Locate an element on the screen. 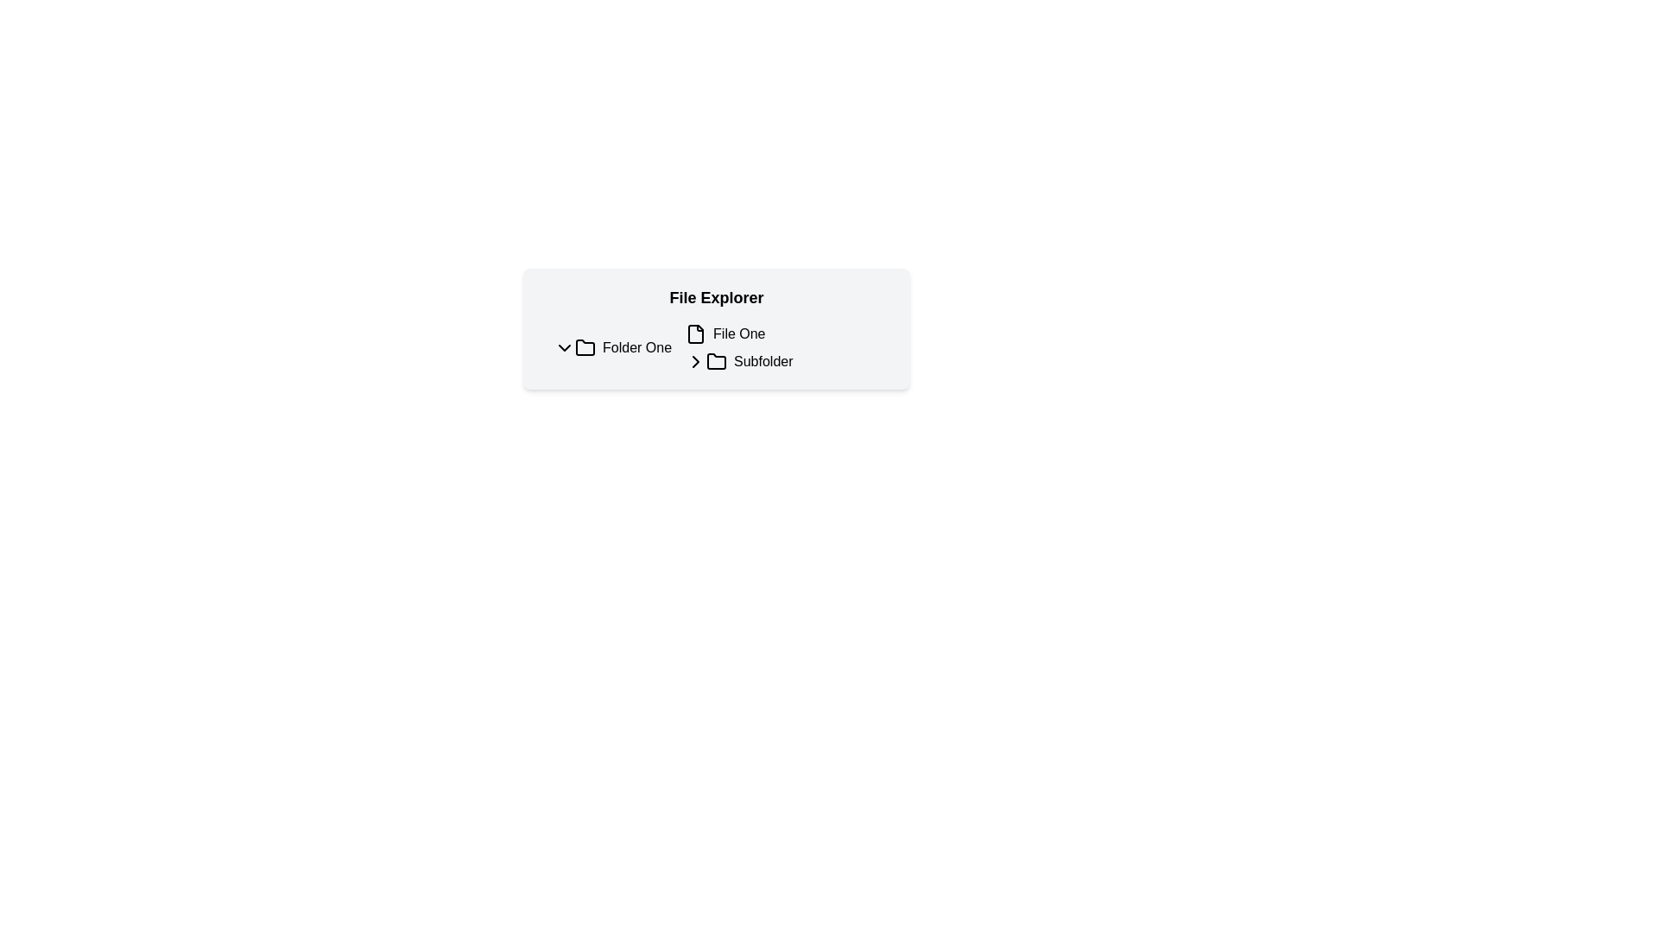 The image size is (1658, 933). on the list item representing the file named 'File One' located in the 'File Explorer' section is located at coordinates (732, 333).